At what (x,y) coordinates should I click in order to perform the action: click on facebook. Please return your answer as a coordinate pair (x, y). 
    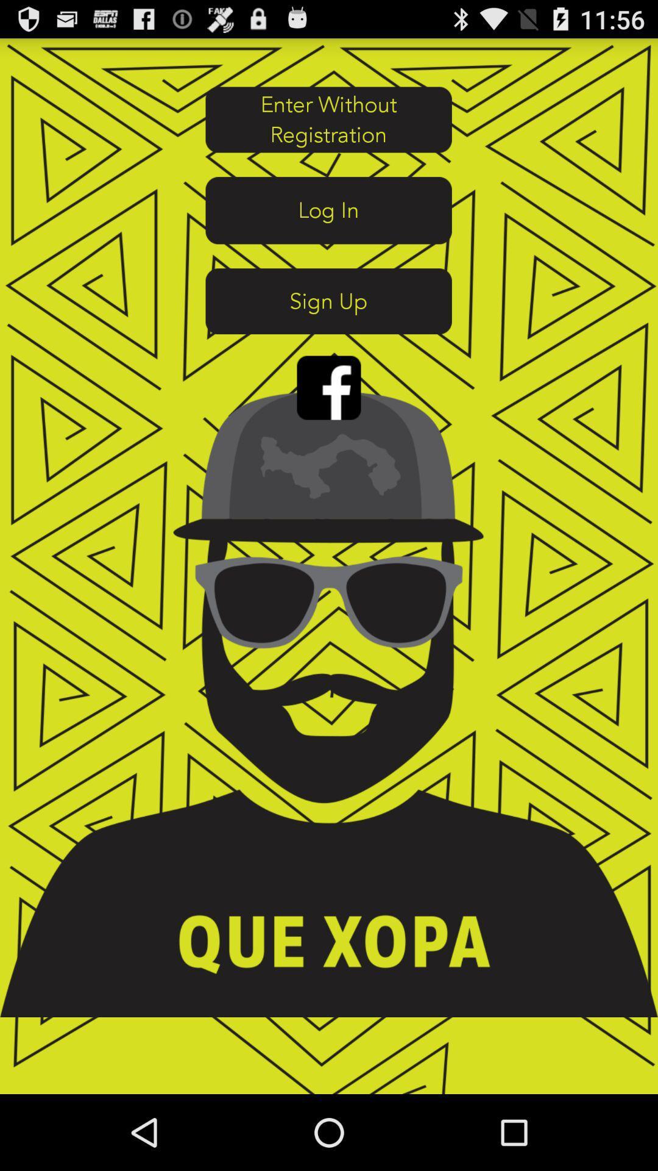
    Looking at the image, I should click on (329, 387).